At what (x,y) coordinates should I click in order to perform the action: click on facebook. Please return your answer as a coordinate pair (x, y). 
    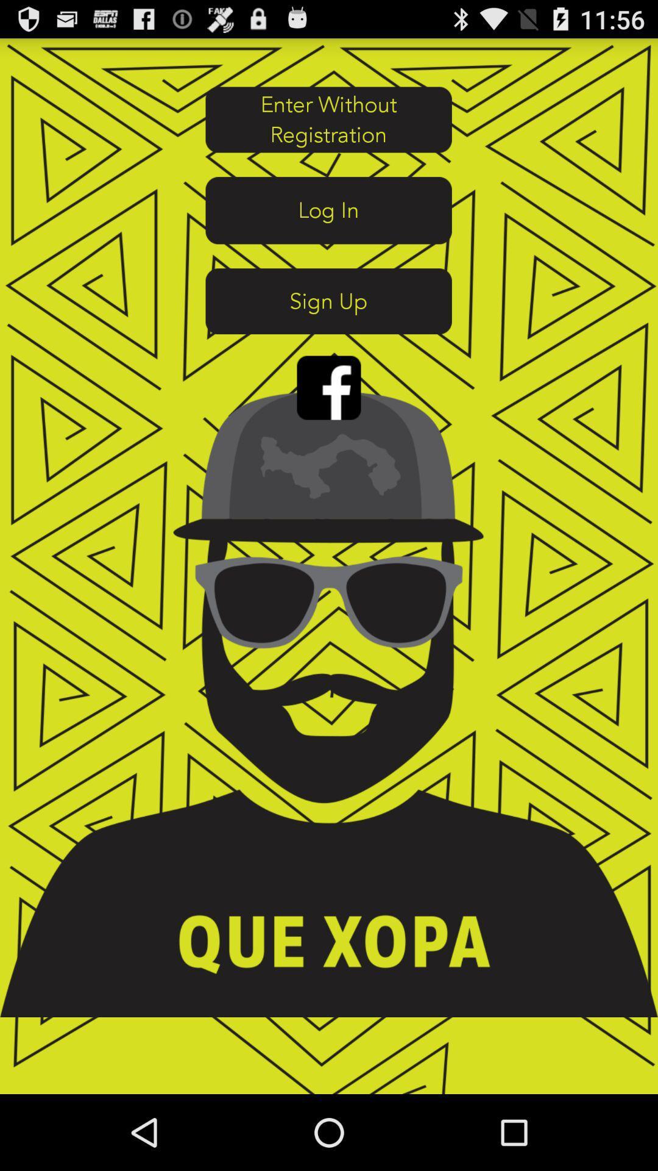
    Looking at the image, I should click on (329, 387).